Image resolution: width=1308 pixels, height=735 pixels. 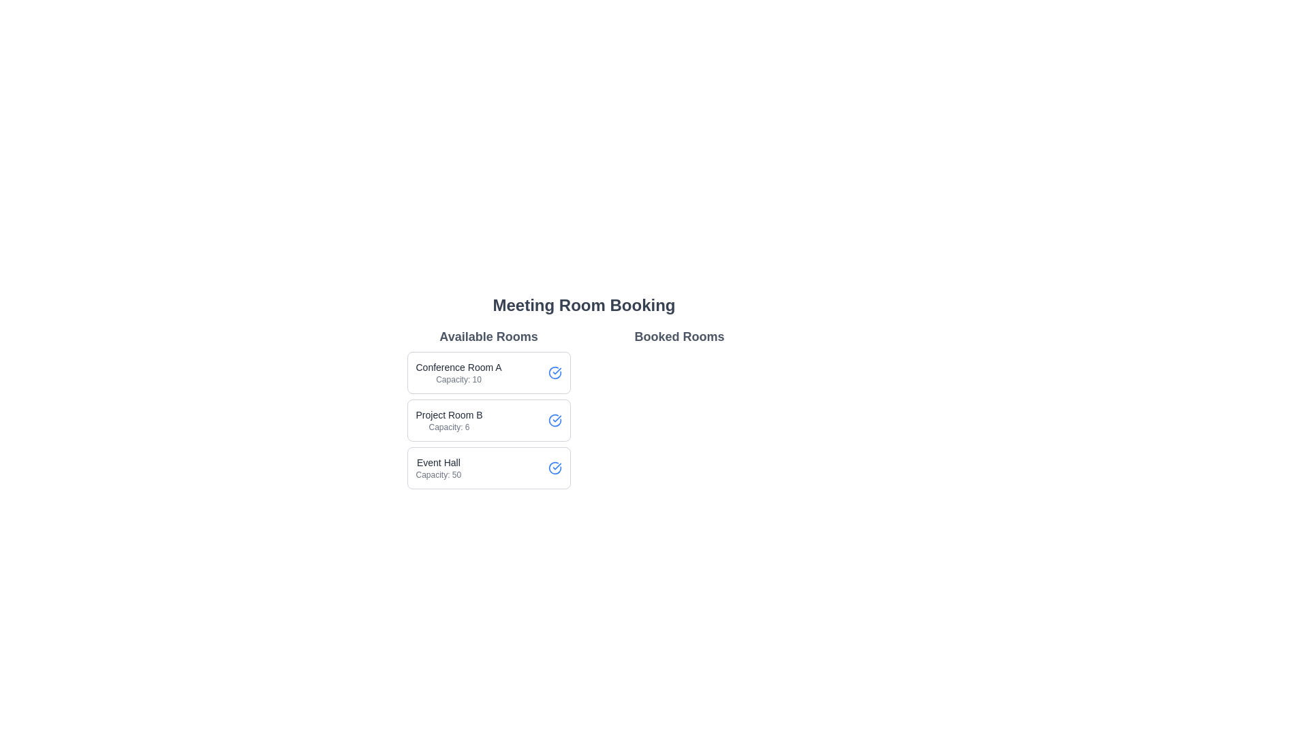 I want to click on the card representing 'Conference Room A', so click(x=488, y=372).